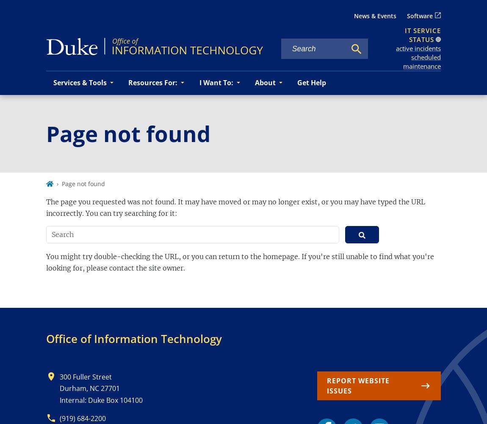  I want to click on 'Durham, NC 27701', so click(89, 388).